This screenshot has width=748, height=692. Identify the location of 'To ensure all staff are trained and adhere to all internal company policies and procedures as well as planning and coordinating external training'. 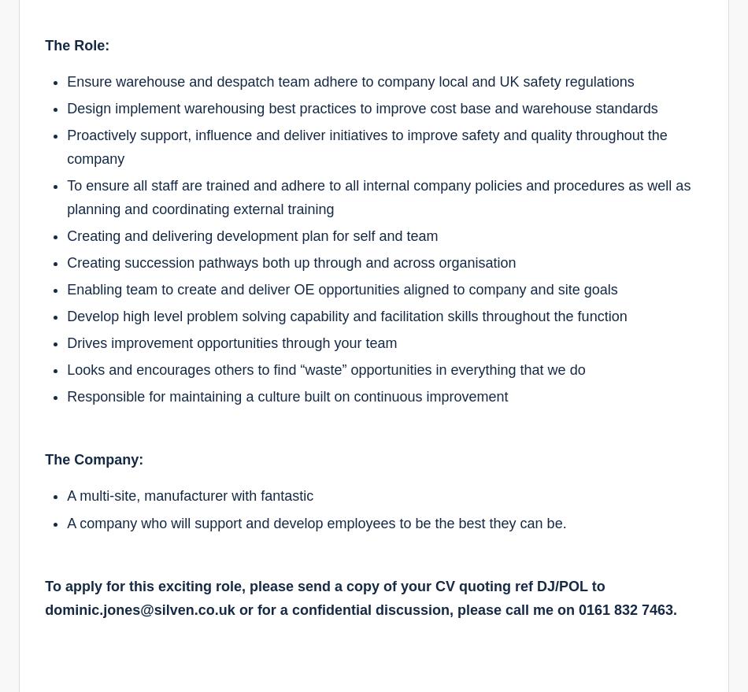
(67, 195).